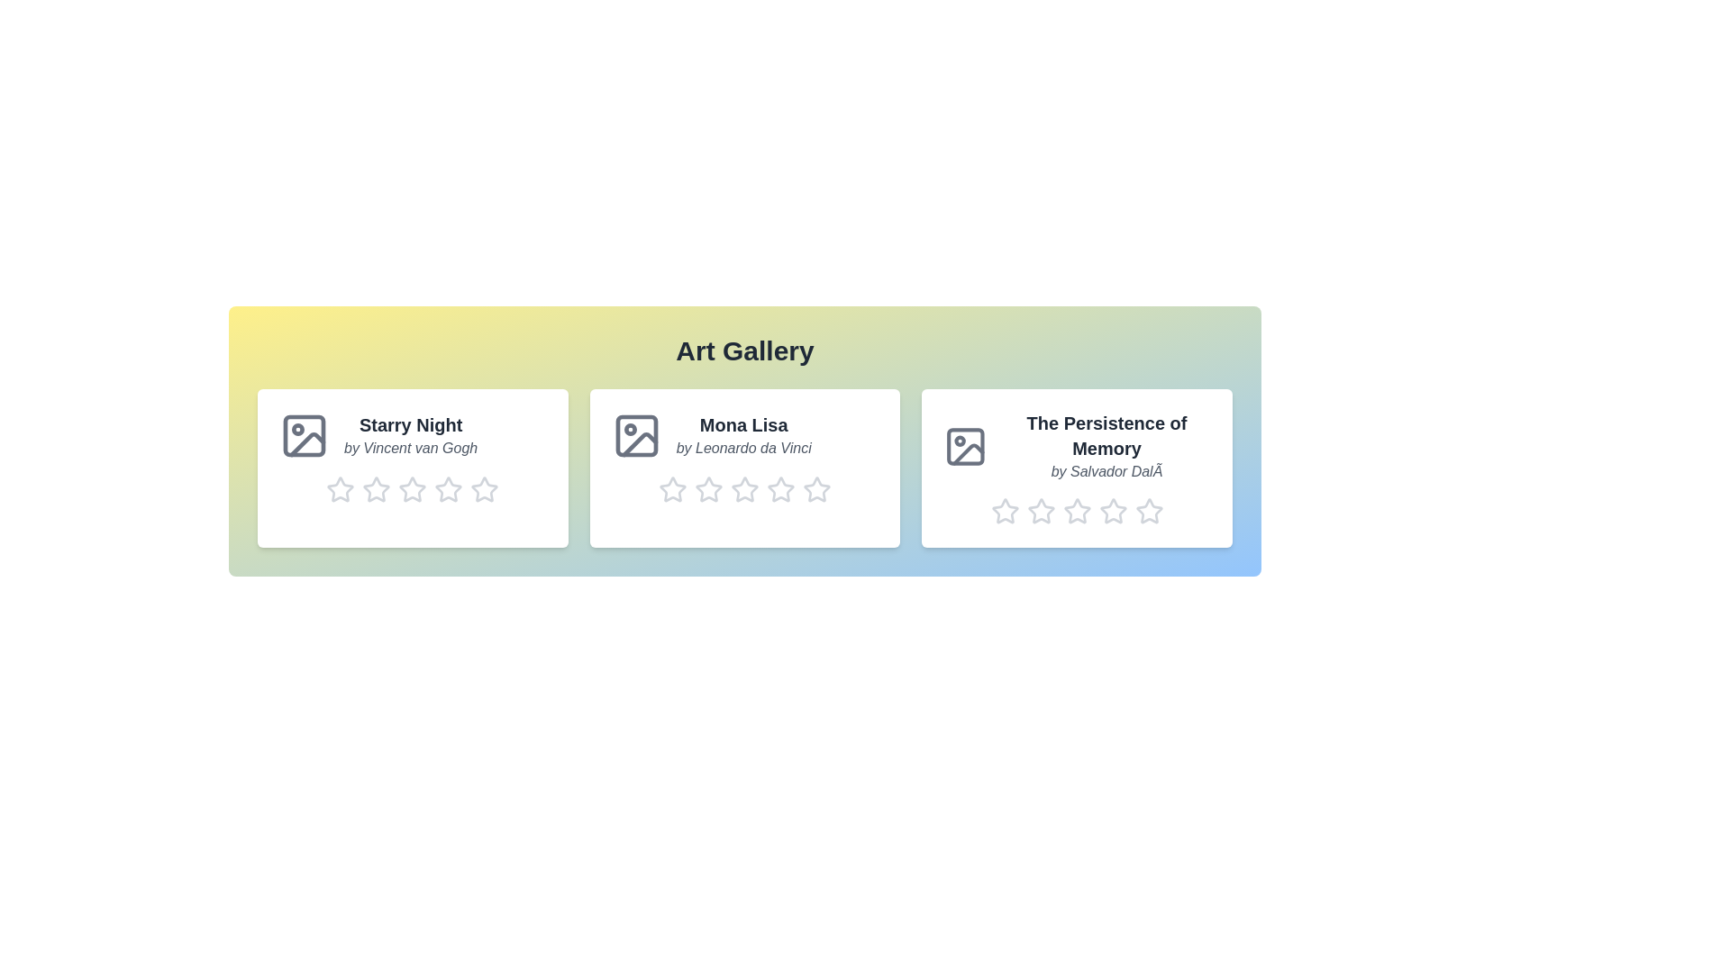 This screenshot has height=973, width=1730. What do you see at coordinates (1041, 511) in the screenshot?
I see `the rating for the artwork 'The Persistence of Memory' to 2 stars` at bounding box center [1041, 511].